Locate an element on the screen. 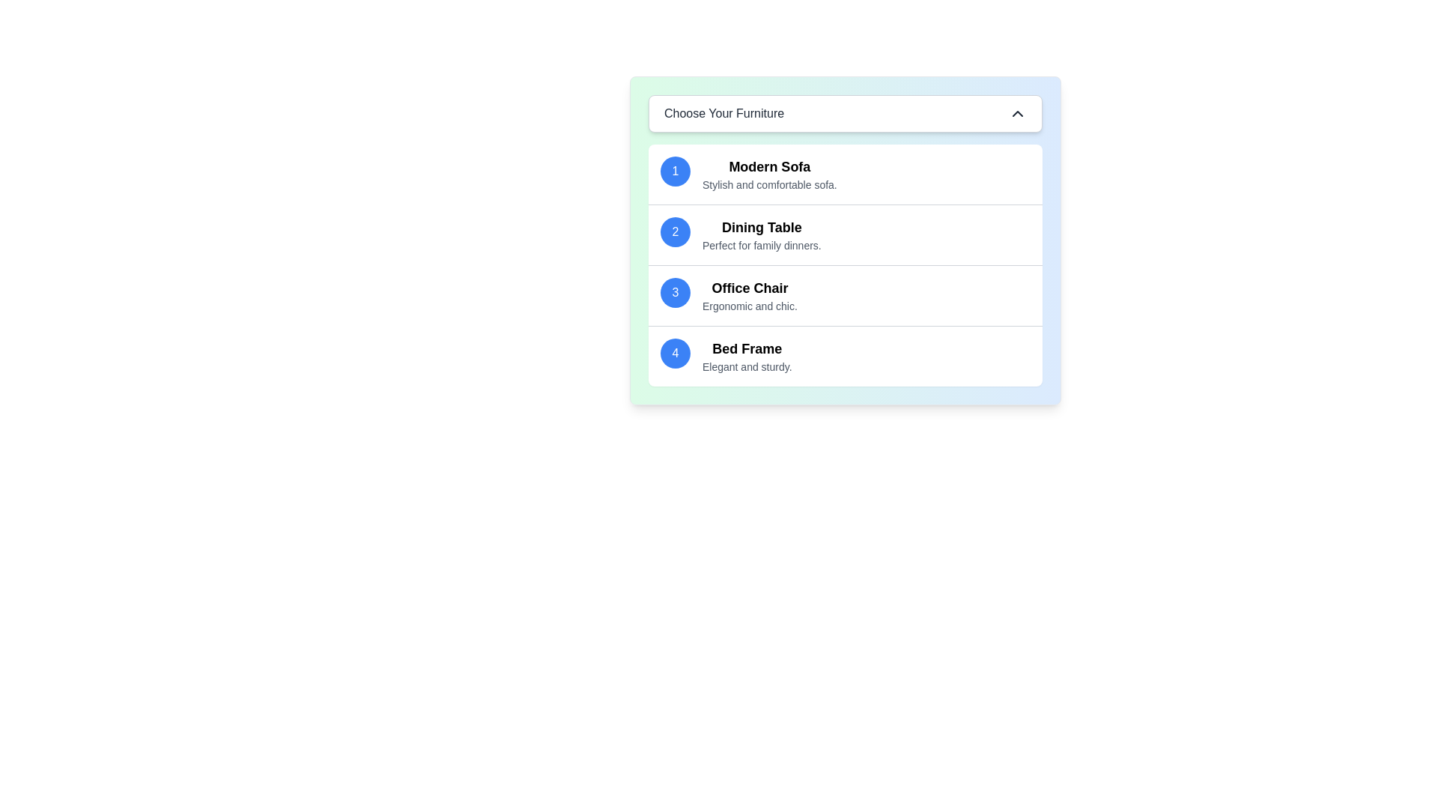  the second item in the vertically stacked list that describes the 'Dining Table' with its characteristics is located at coordinates (845, 240).